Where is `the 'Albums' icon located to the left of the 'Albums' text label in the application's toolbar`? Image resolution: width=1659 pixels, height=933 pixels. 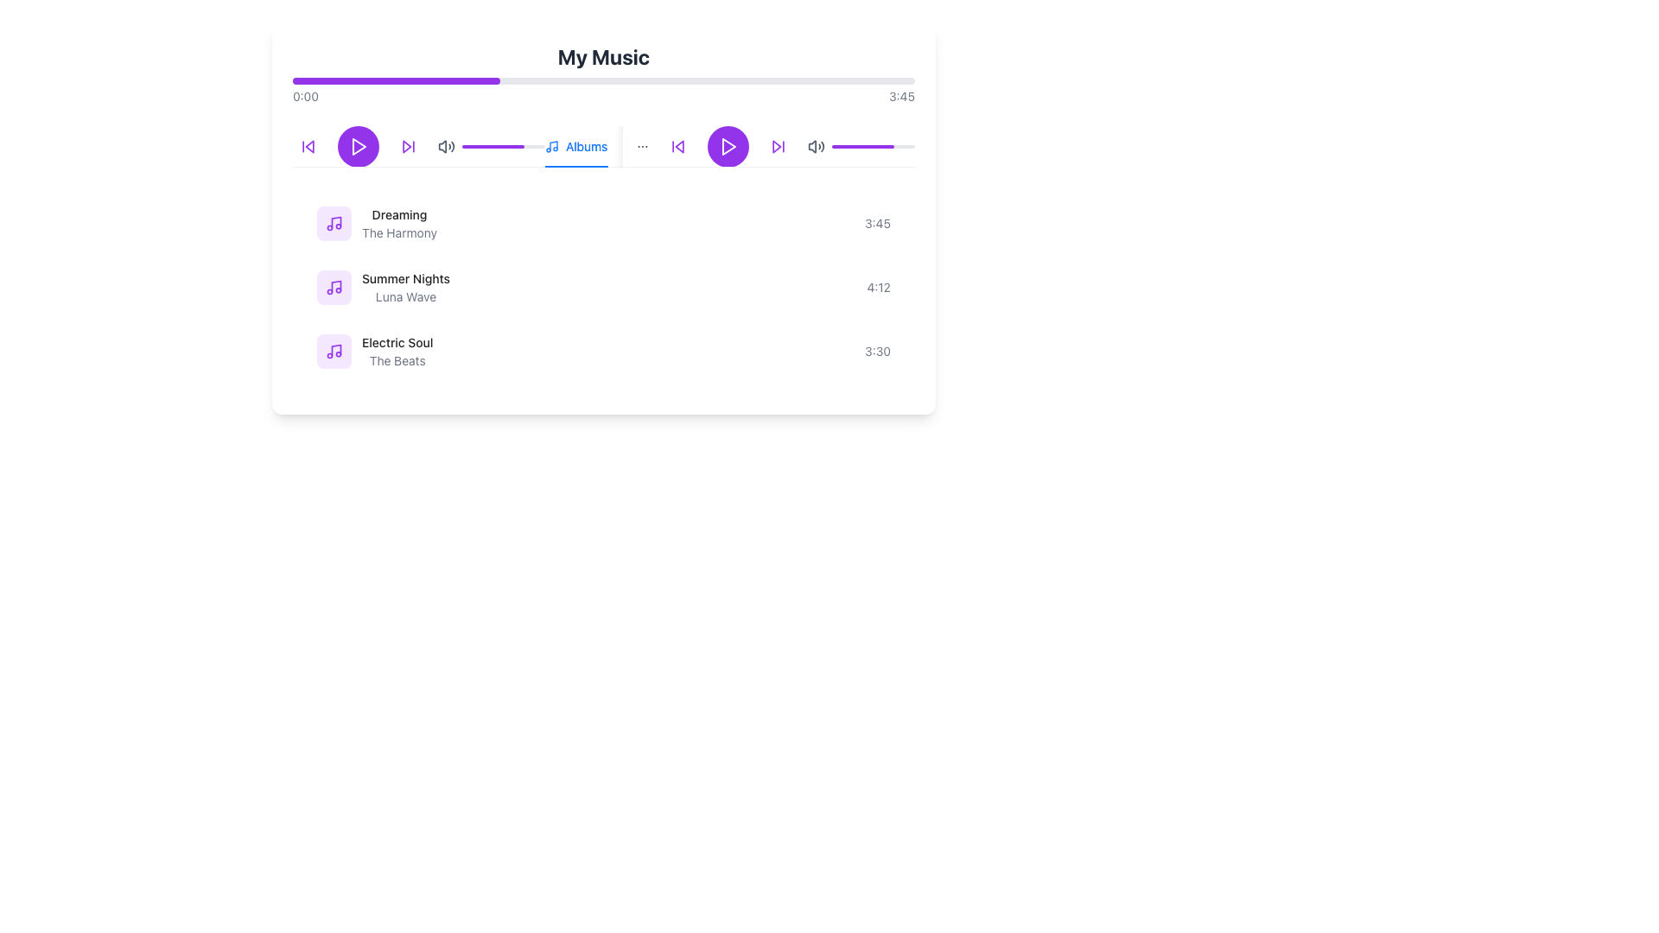 the 'Albums' icon located to the left of the 'Albums' text label in the application's toolbar is located at coordinates (550, 145).